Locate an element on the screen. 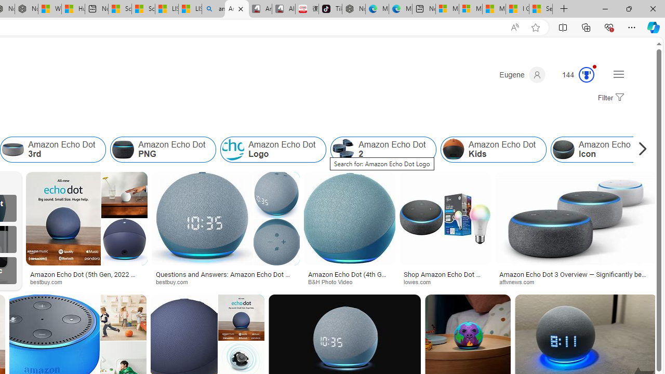 The image size is (665, 374). 'Amazon Echo Dot 2' is located at coordinates (383, 150).